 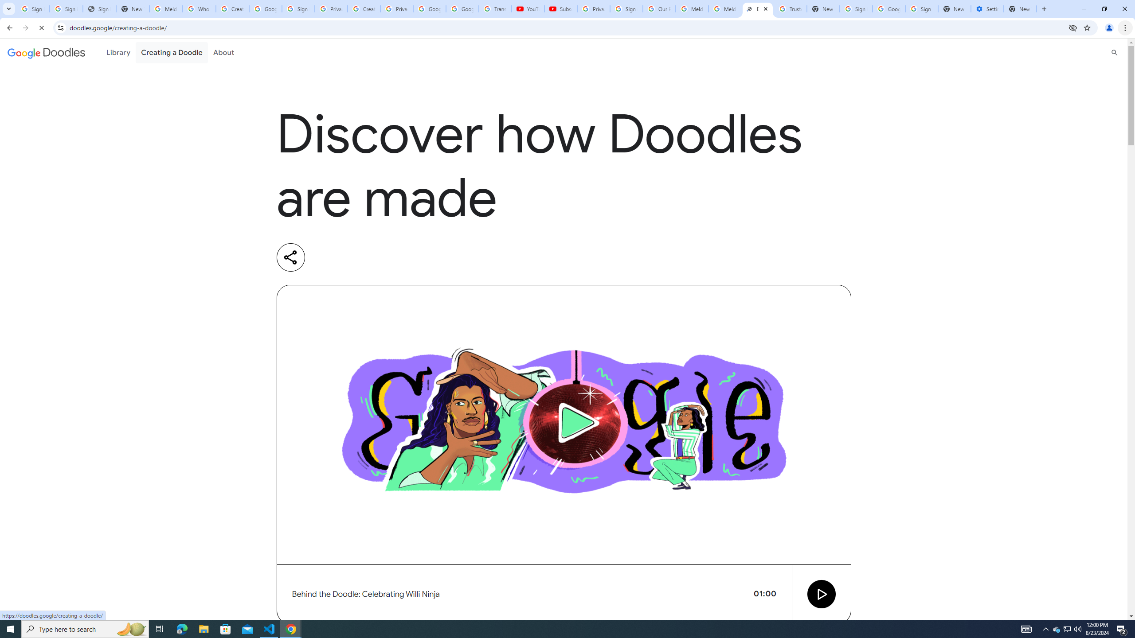 What do you see at coordinates (66, 8) in the screenshot?
I see `'Sign in - Google Accounts'` at bounding box center [66, 8].